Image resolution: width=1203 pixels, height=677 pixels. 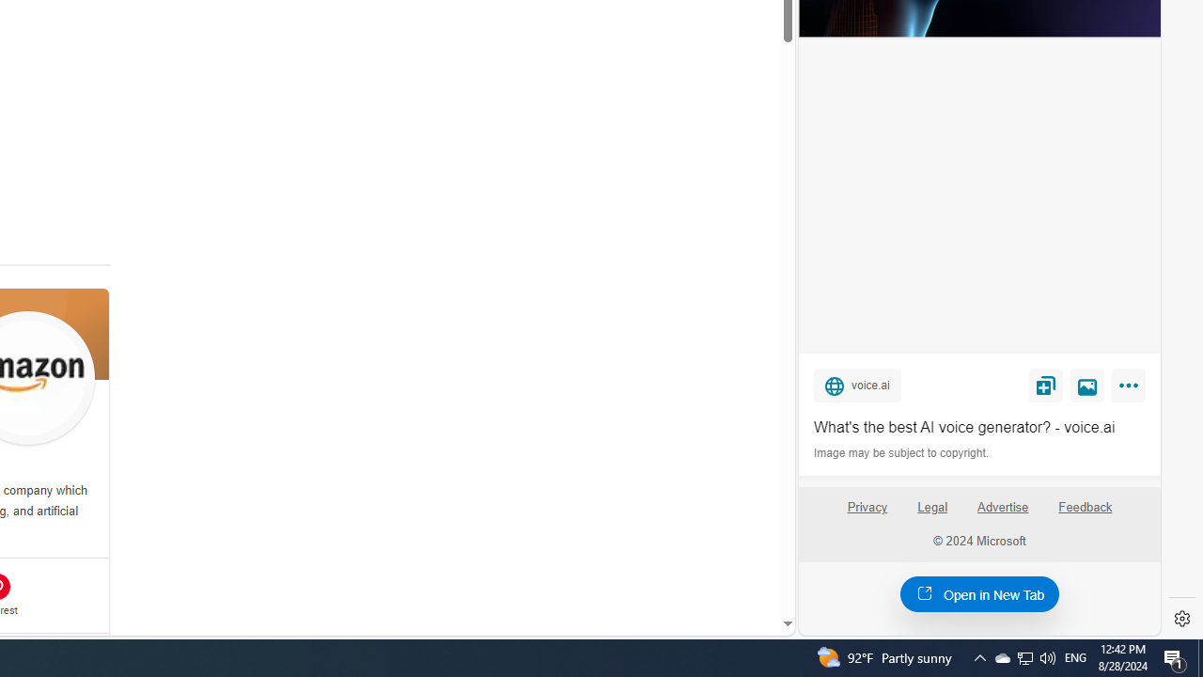 What do you see at coordinates (978, 593) in the screenshot?
I see `'Open in New Tab'` at bounding box center [978, 593].